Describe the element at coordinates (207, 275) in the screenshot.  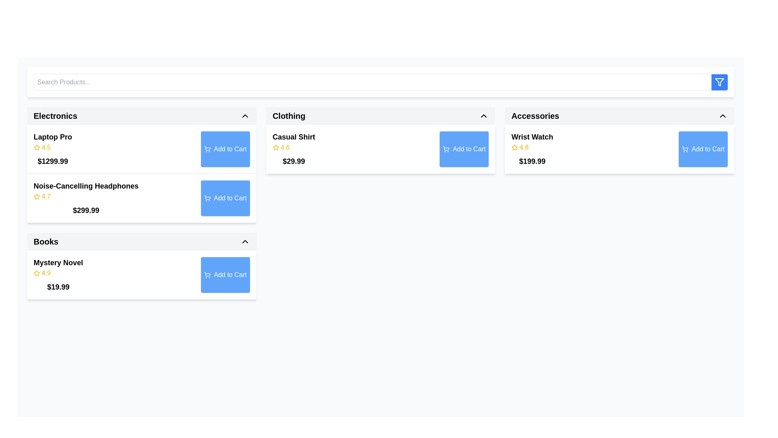
I see `the shopping cart icon located to the left of the 'Add to Cart' button for the 'Mystery Novel' in the 'Books' section` at that location.